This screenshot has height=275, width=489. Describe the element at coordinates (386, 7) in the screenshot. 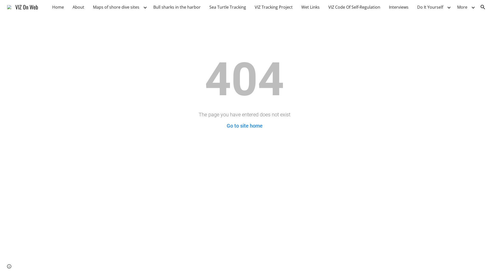

I see `'Interviews'` at that location.